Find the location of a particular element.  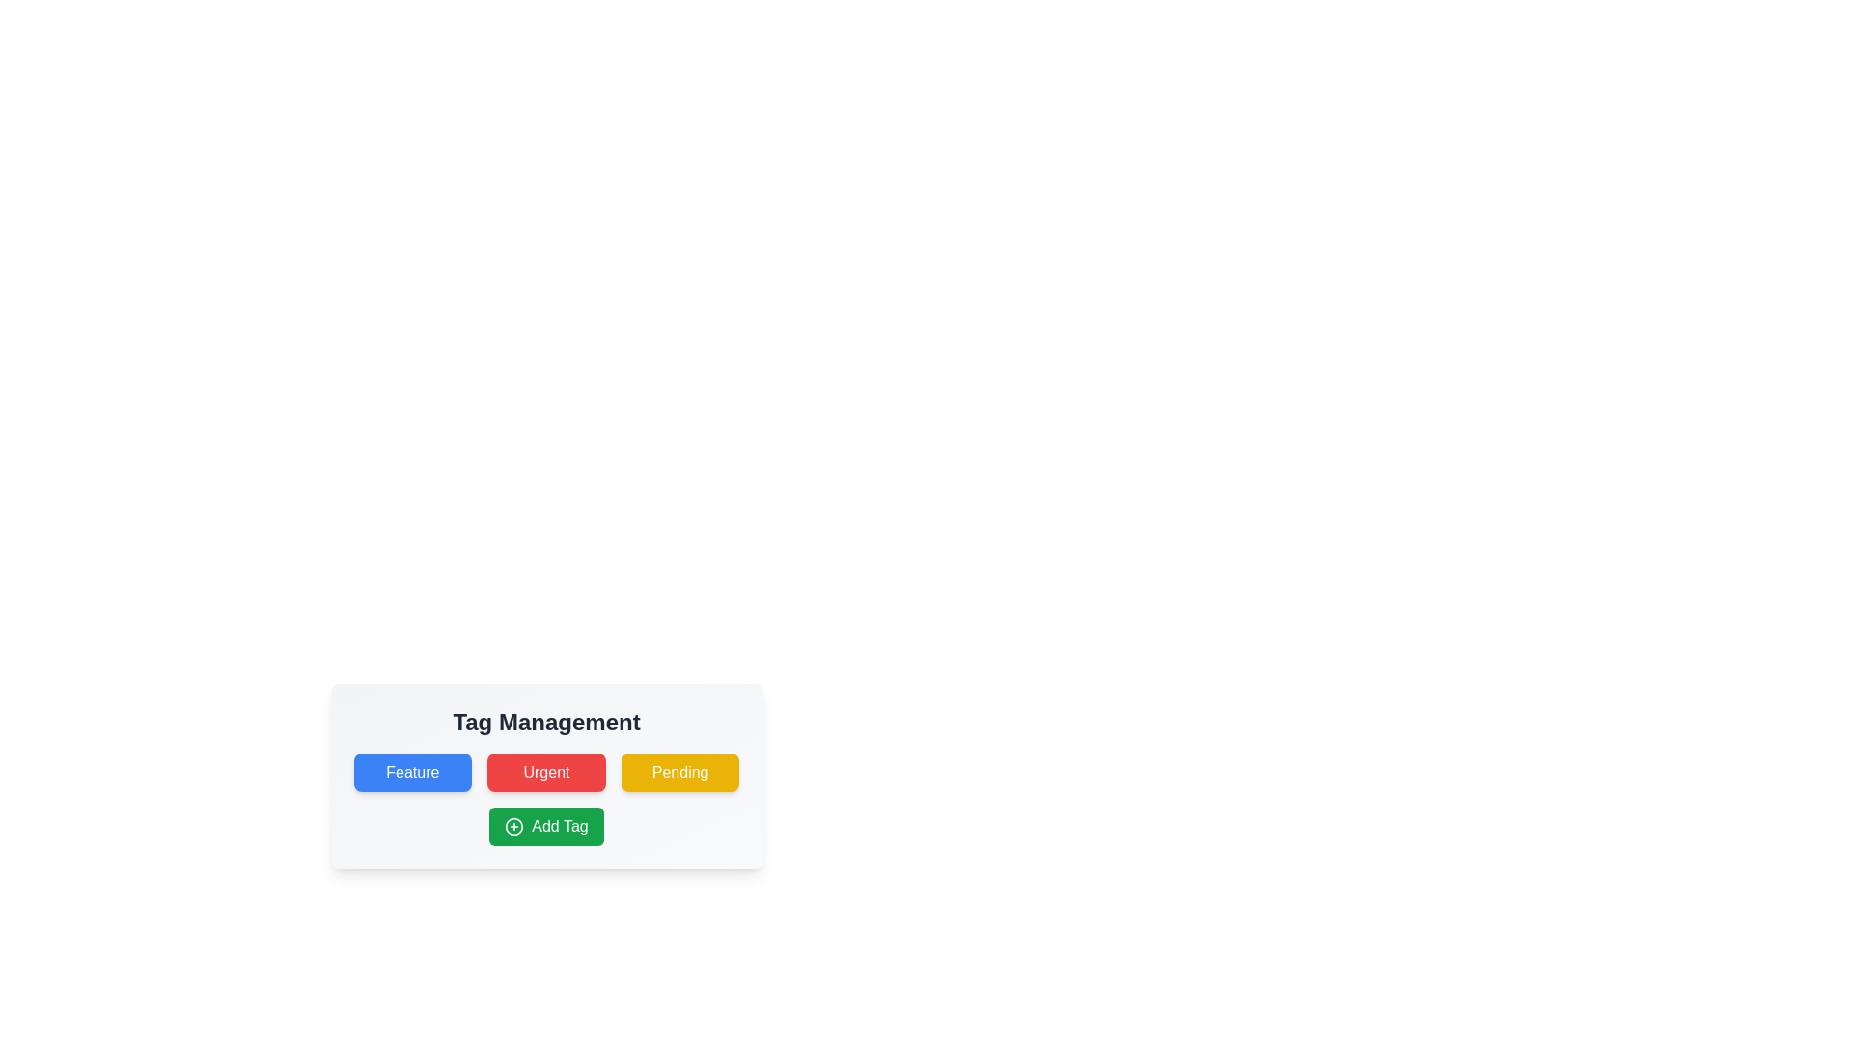

the tag labeled Urgent to observe its hover effect is located at coordinates (545, 772).